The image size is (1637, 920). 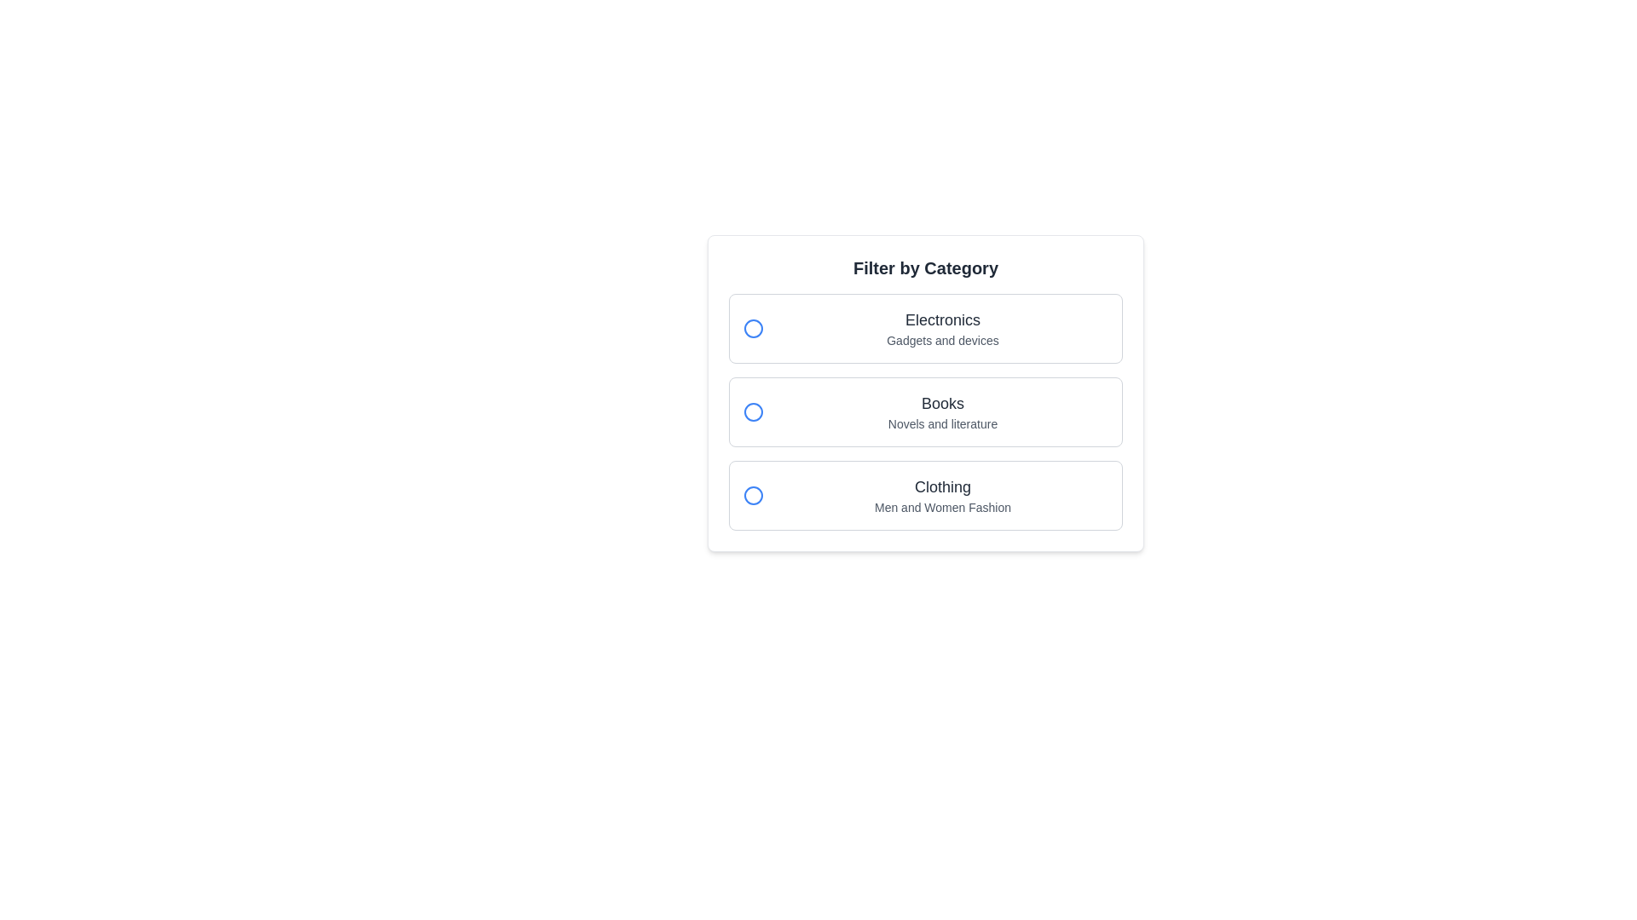 What do you see at coordinates (752, 496) in the screenshot?
I see `the radio button for the 'Clothing' category located in the 'Filter by Category' section, positioned to the left of the 'Clothing' label` at bounding box center [752, 496].